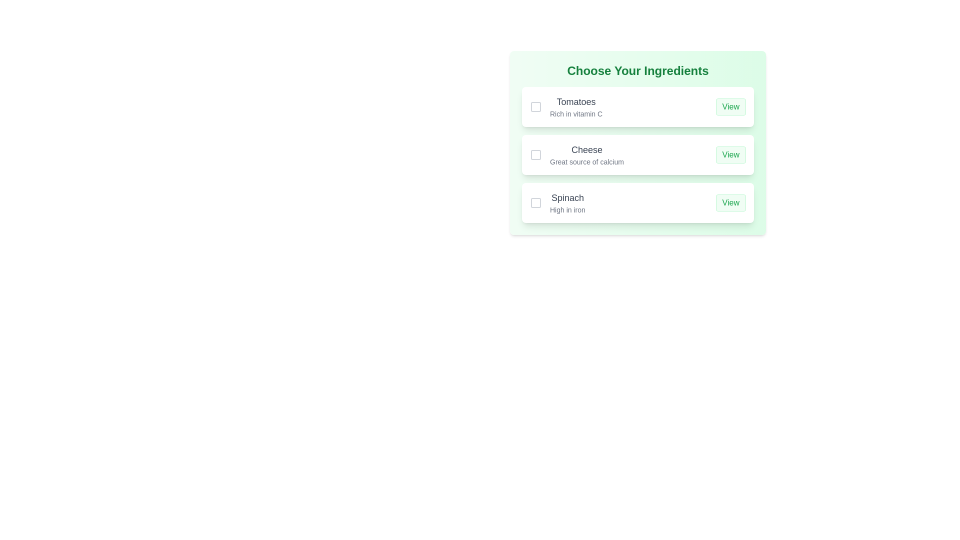  Describe the element at coordinates (730, 106) in the screenshot. I see `the rectangular button labeled 'View' with a green theme` at that location.